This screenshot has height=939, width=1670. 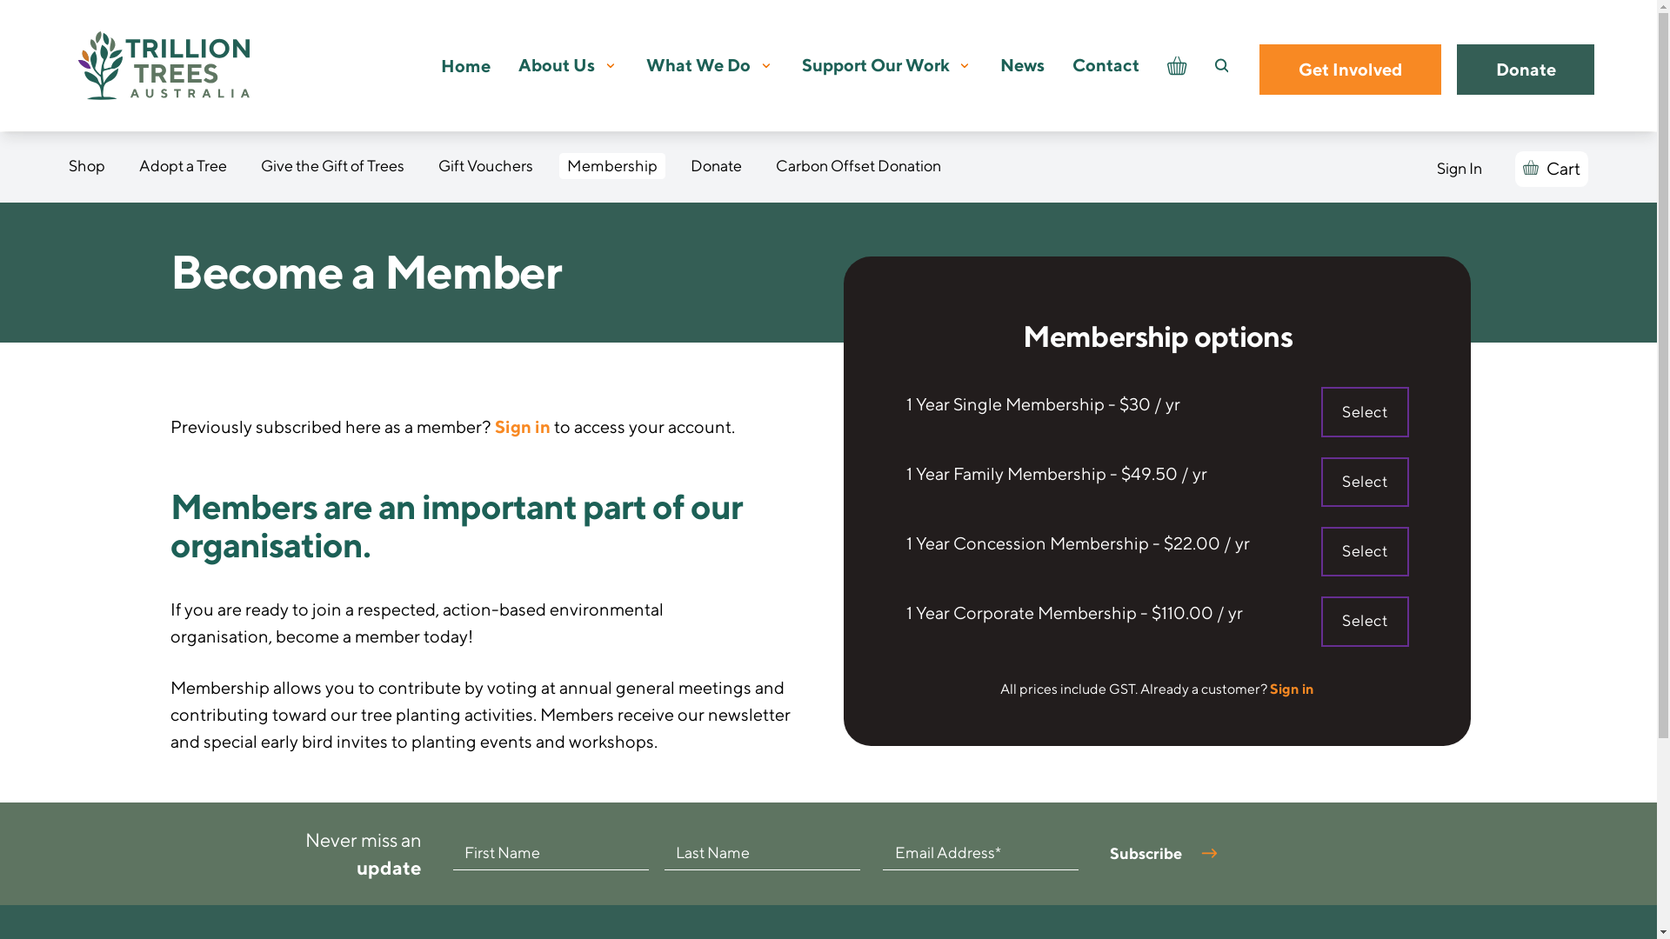 What do you see at coordinates (332, 166) in the screenshot?
I see `'Give the Gift of Trees'` at bounding box center [332, 166].